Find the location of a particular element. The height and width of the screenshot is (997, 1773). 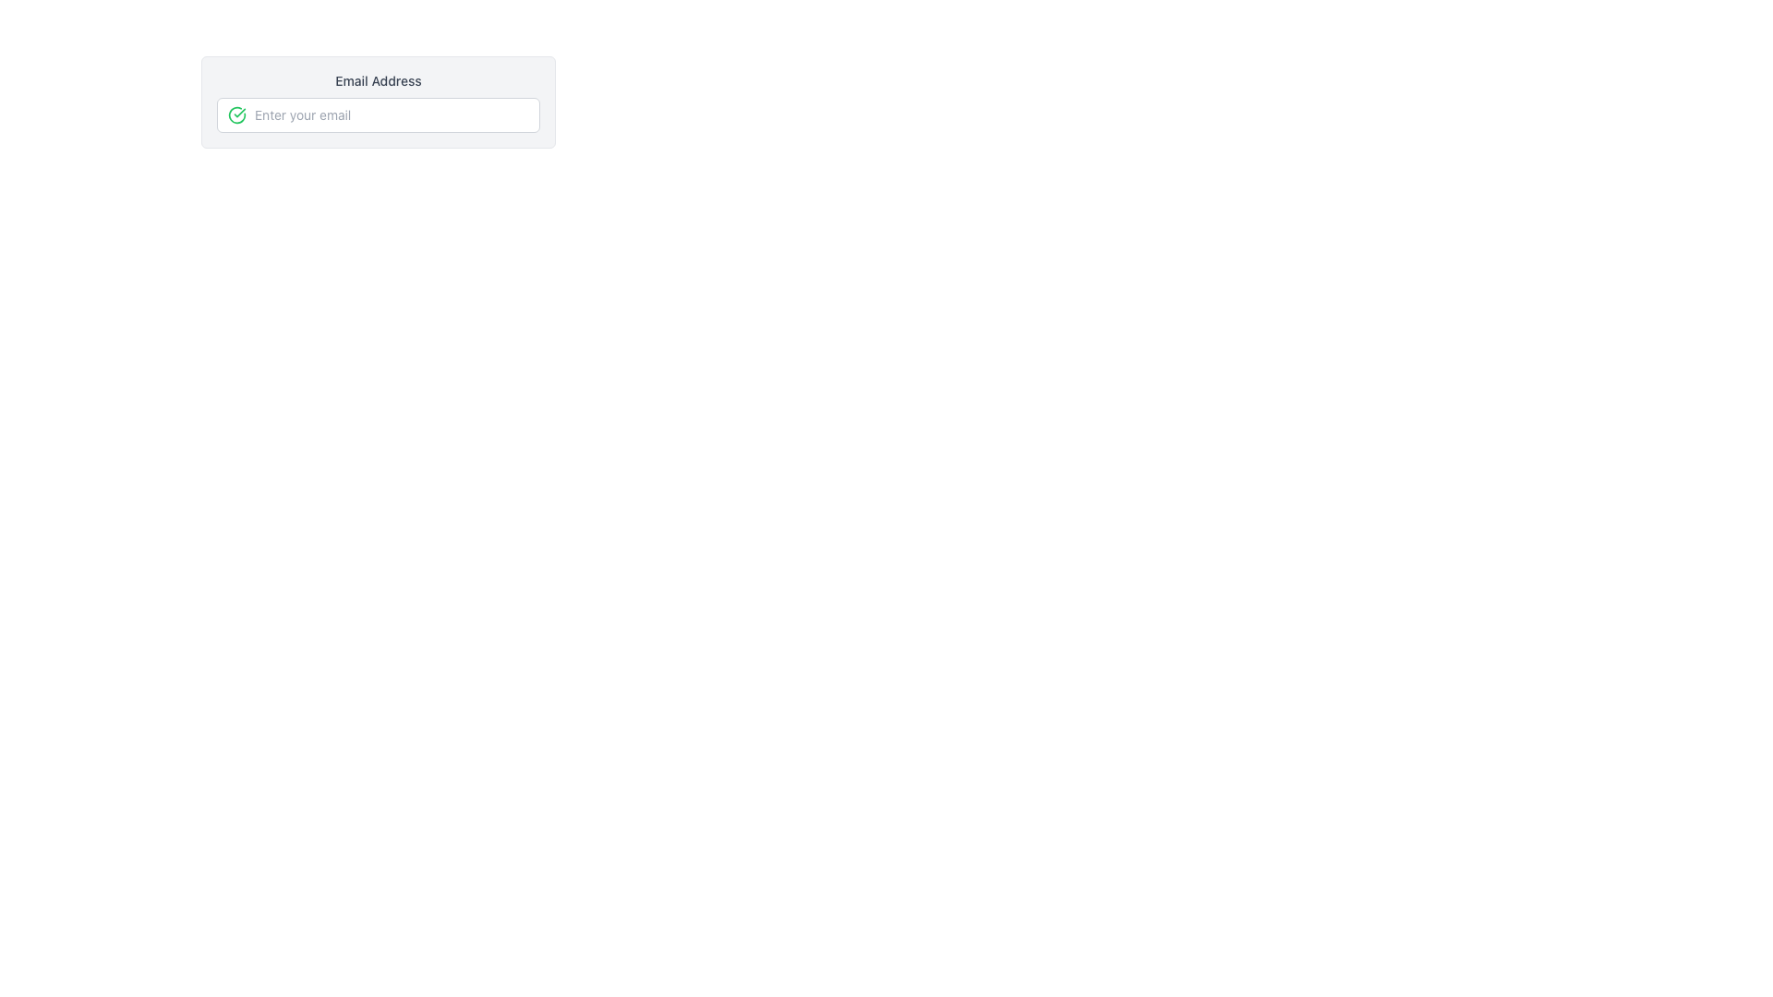

the validation icon located to the left of the email input field, which indicates successful validation of the email input is located at coordinates (236, 114).